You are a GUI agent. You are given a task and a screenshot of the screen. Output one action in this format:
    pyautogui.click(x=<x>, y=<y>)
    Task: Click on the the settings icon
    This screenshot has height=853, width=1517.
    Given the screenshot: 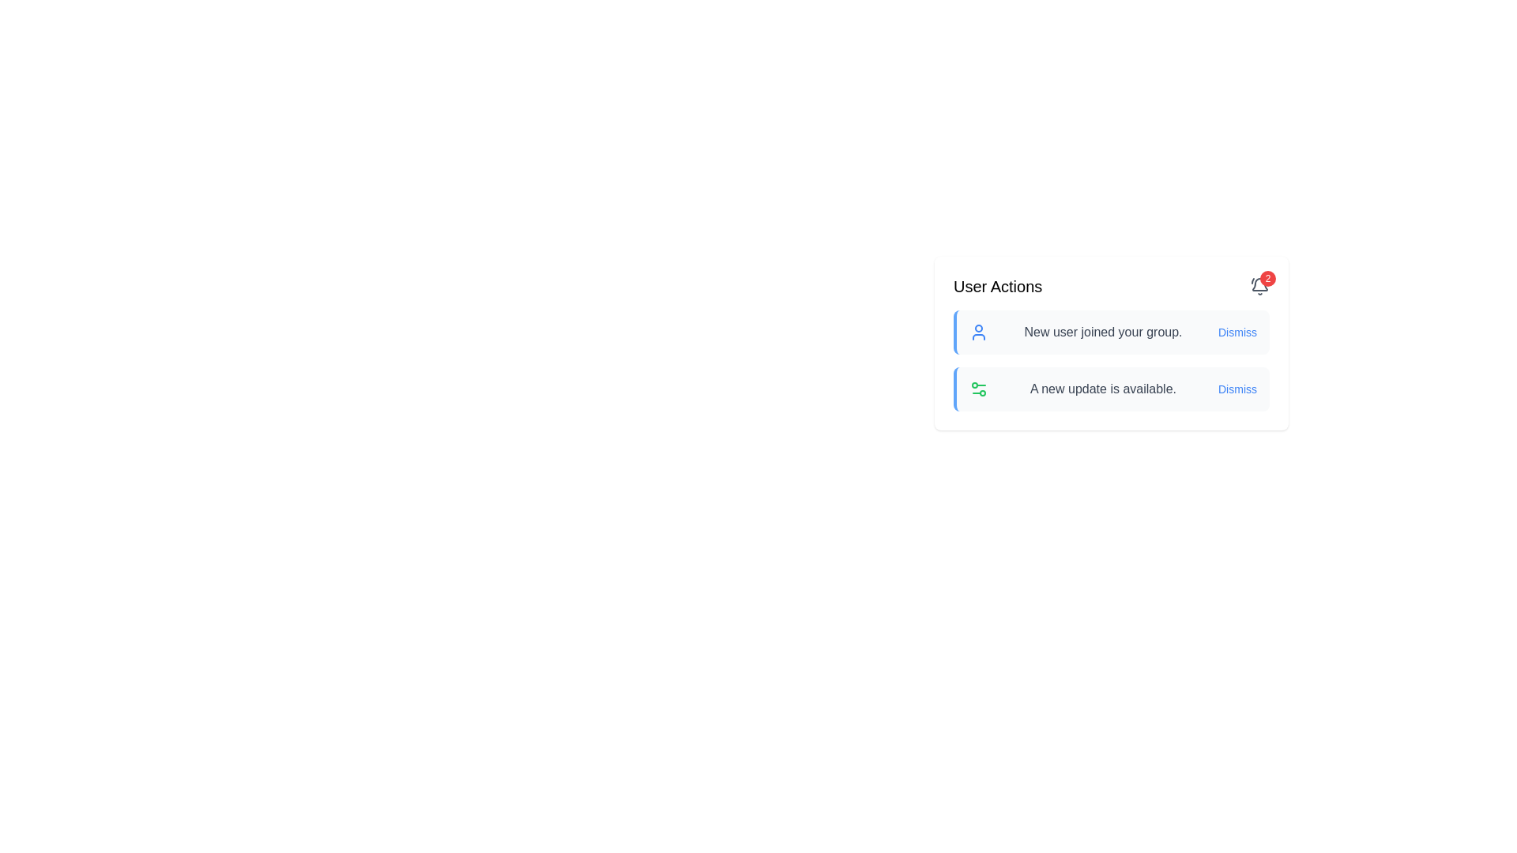 What is the action you would take?
    pyautogui.click(x=977, y=389)
    